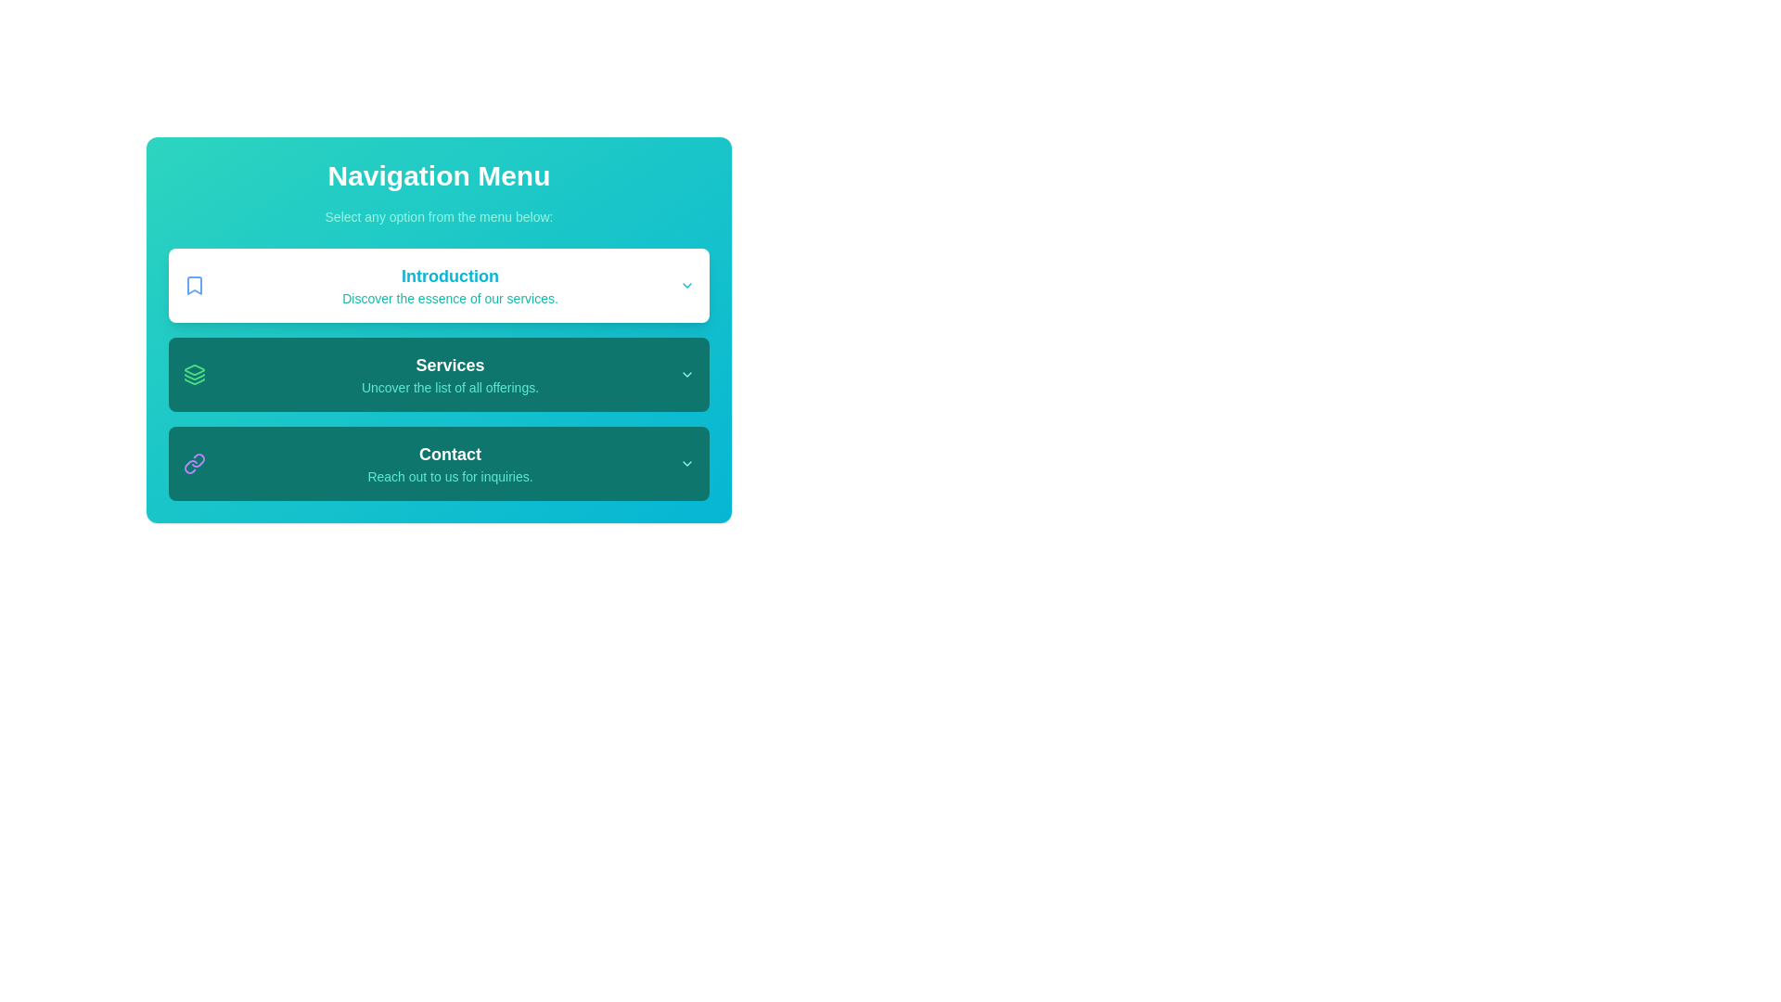 This screenshot has width=1781, height=1002. What do you see at coordinates (450, 475) in the screenshot?
I see `the text element reading 'Reach out to us for inquiries.' which is styled in teal and located below the 'Contact' header` at bounding box center [450, 475].